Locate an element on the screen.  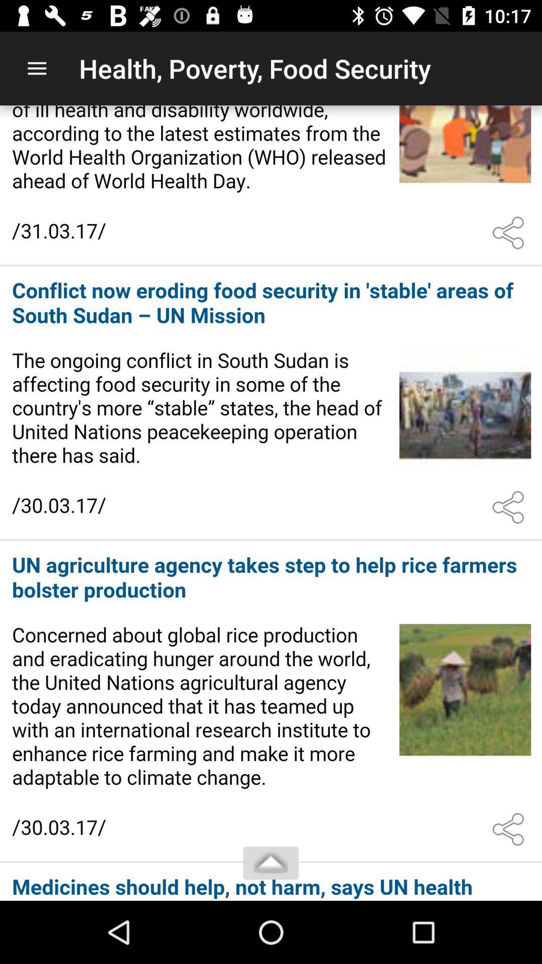
share options is located at coordinates (510, 508).